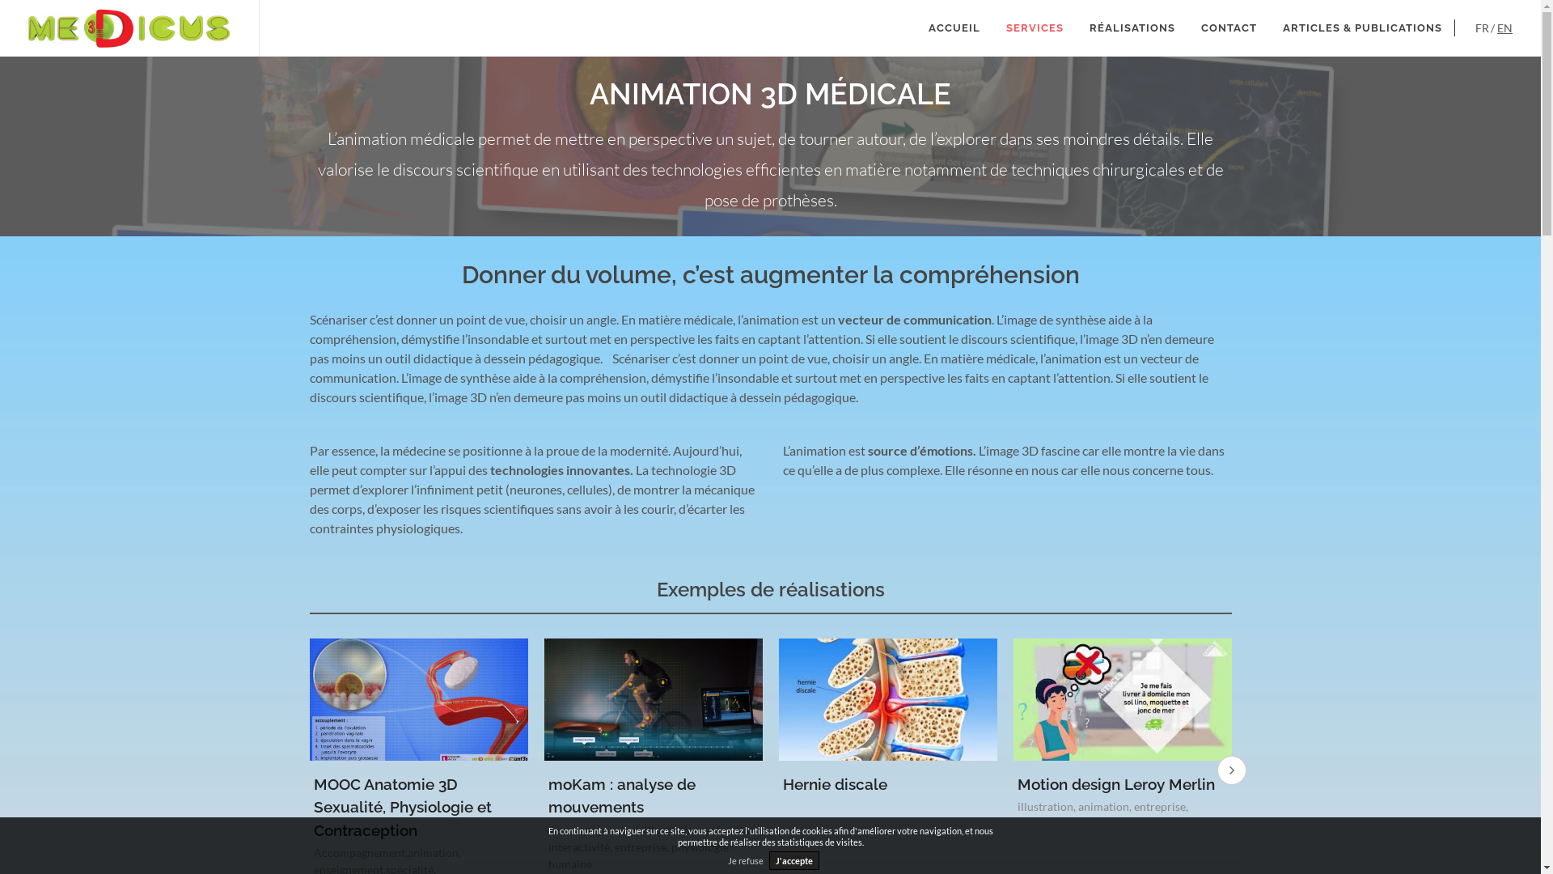  Describe the element at coordinates (640, 846) in the screenshot. I see `'entreprise'` at that location.